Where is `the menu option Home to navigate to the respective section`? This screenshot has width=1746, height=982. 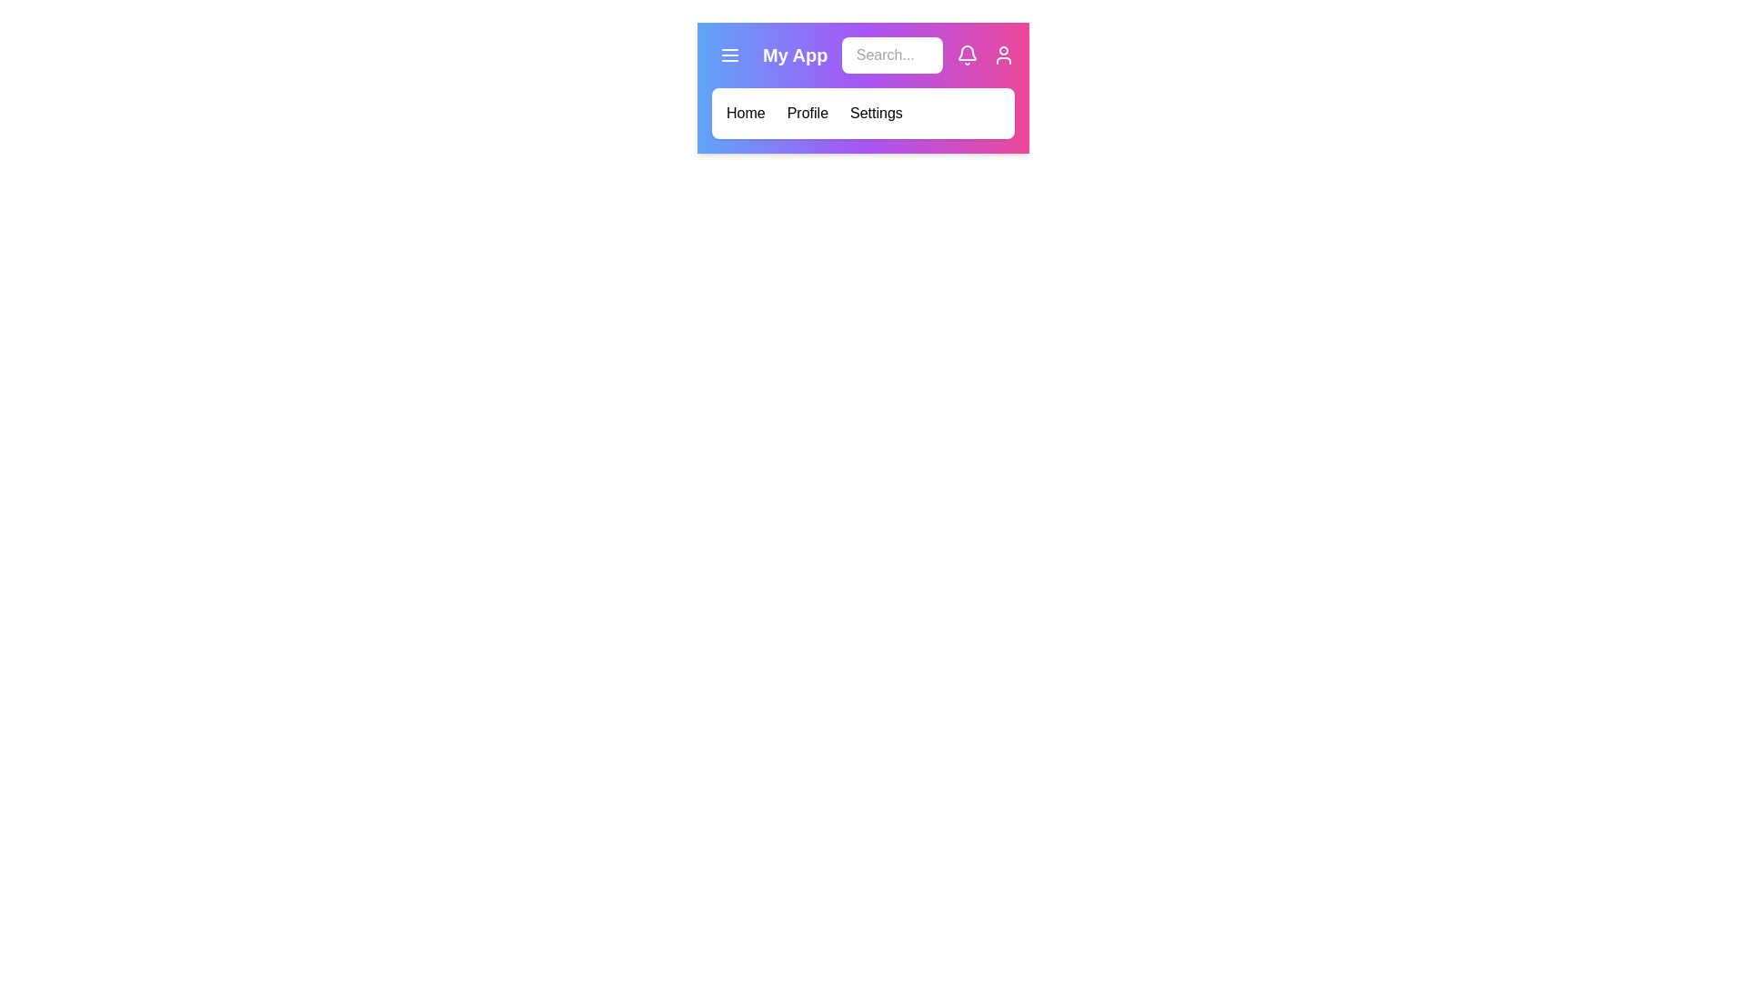 the menu option Home to navigate to the respective section is located at coordinates (746, 113).